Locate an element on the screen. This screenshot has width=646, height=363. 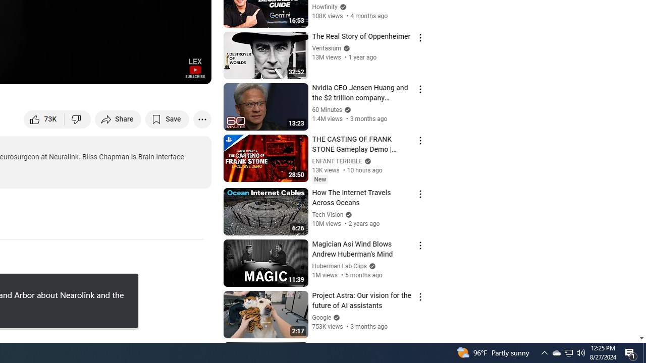
'Channel watermark' is located at coordinates (195, 68).